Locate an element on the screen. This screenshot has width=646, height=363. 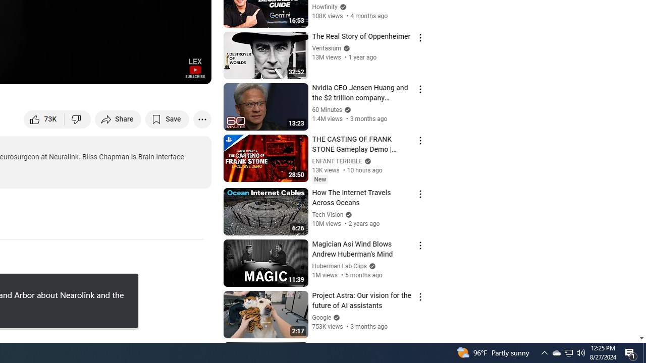
'Channel watermark' is located at coordinates (195, 68).